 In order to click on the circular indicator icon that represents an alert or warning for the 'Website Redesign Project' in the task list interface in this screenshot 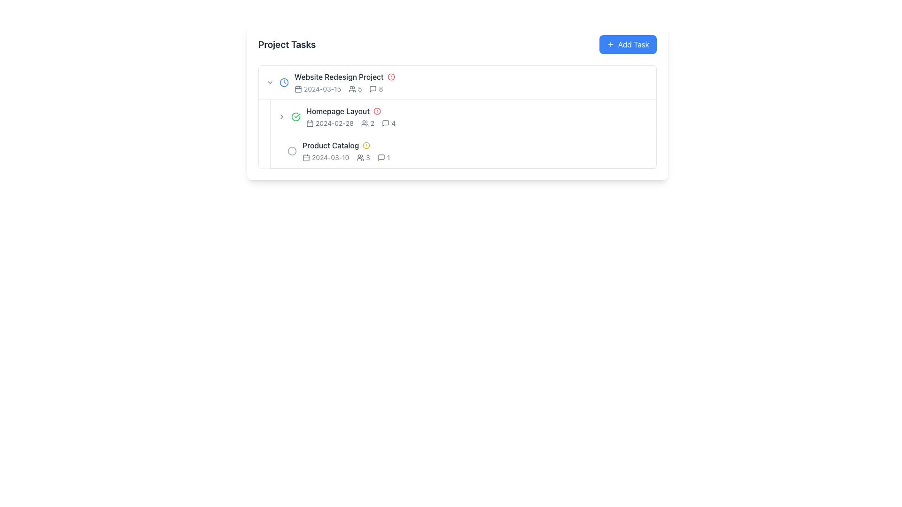, I will do `click(391, 77)`.